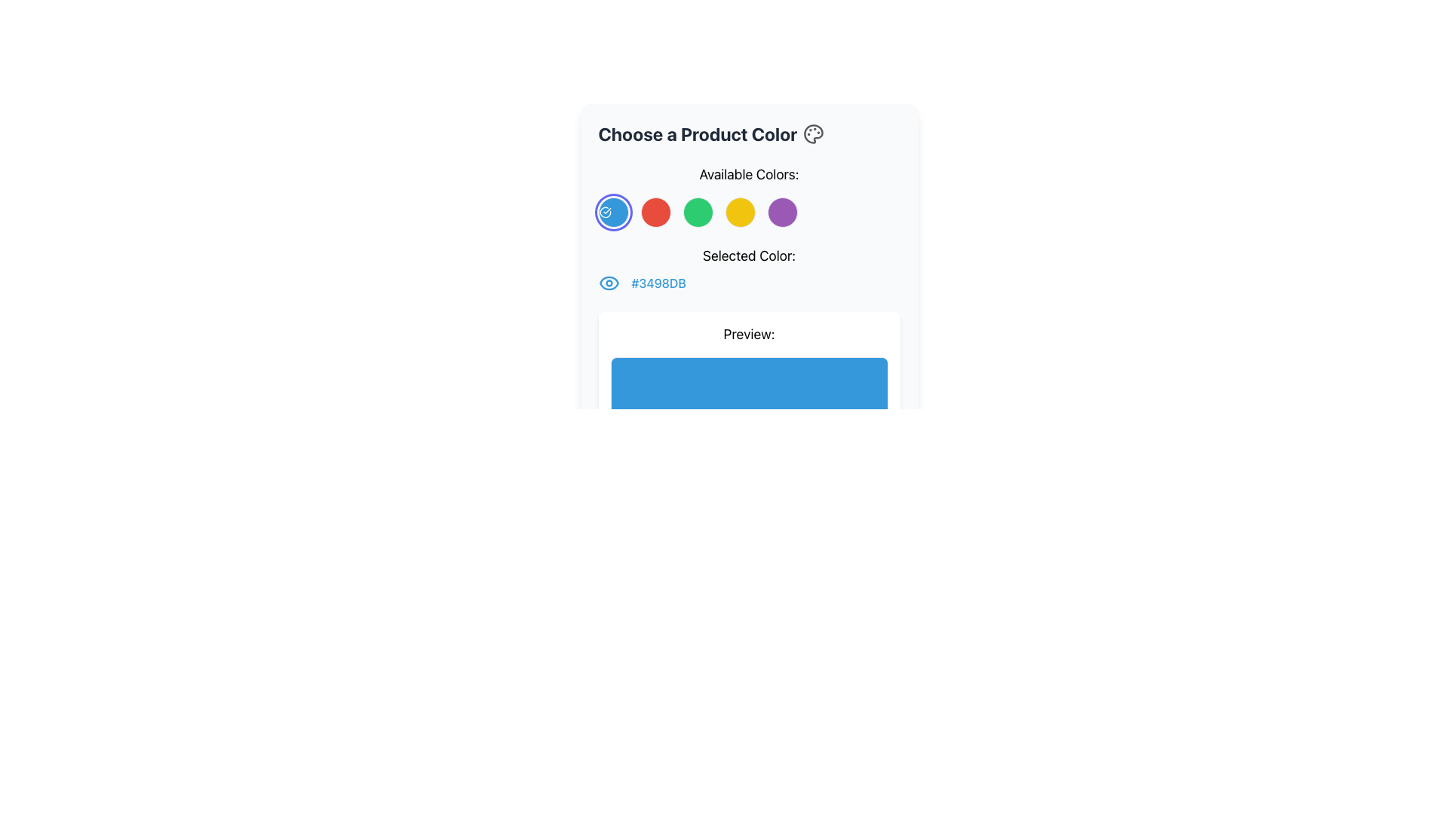  What do you see at coordinates (655, 212) in the screenshot?
I see `the second circular icon in the row of color options below the text 'Available Colors:'` at bounding box center [655, 212].